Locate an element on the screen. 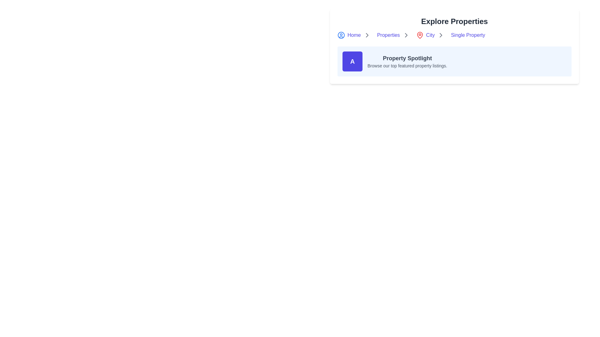 The height and width of the screenshot is (337, 600). the Navigation breadcrumb item located under the 'Explore Properties' title is located at coordinates (454, 35).